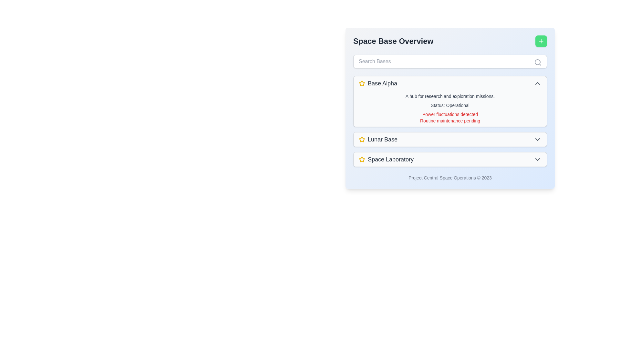 The height and width of the screenshot is (348, 620). What do you see at coordinates (449, 118) in the screenshot?
I see `the multiline text block displaying warning messages: 'Power fluctuations detected' and 'Routine maintenance pending', located in the 'Base Alpha' section of the application` at bounding box center [449, 118].